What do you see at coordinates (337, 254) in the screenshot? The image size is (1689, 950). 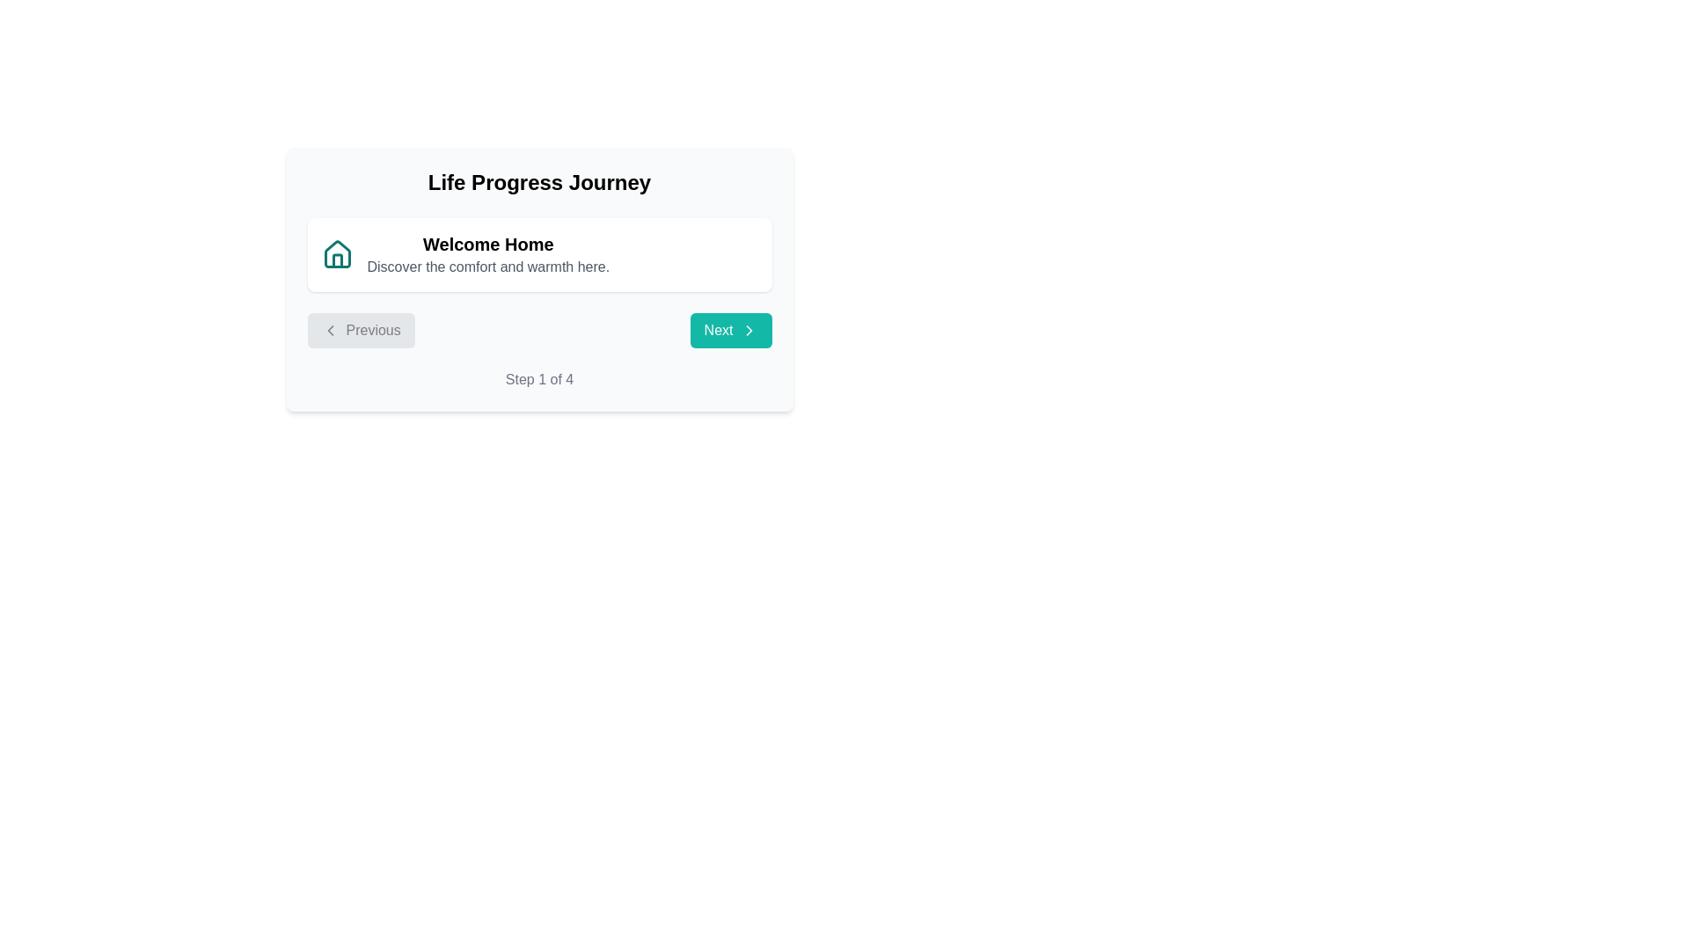 I see `the house-shaped icon filled with teal color, located within a white rounded rectangular card, positioned to the left of the 'Welcome Home' text block` at bounding box center [337, 254].